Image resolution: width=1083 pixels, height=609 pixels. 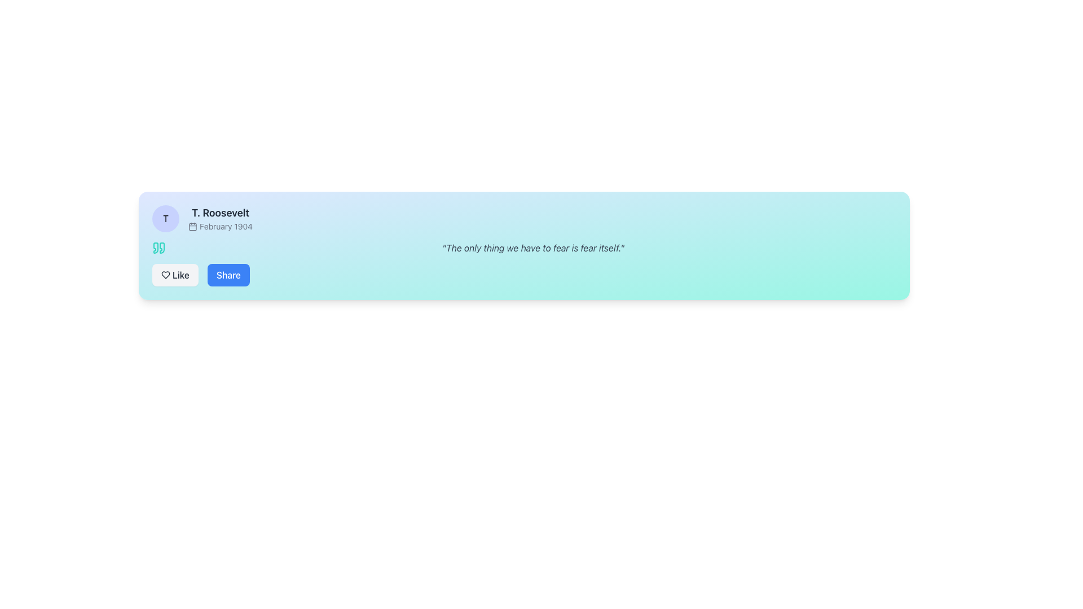 I want to click on the heart icon located in the lower-left region of the card, so click(x=165, y=275).